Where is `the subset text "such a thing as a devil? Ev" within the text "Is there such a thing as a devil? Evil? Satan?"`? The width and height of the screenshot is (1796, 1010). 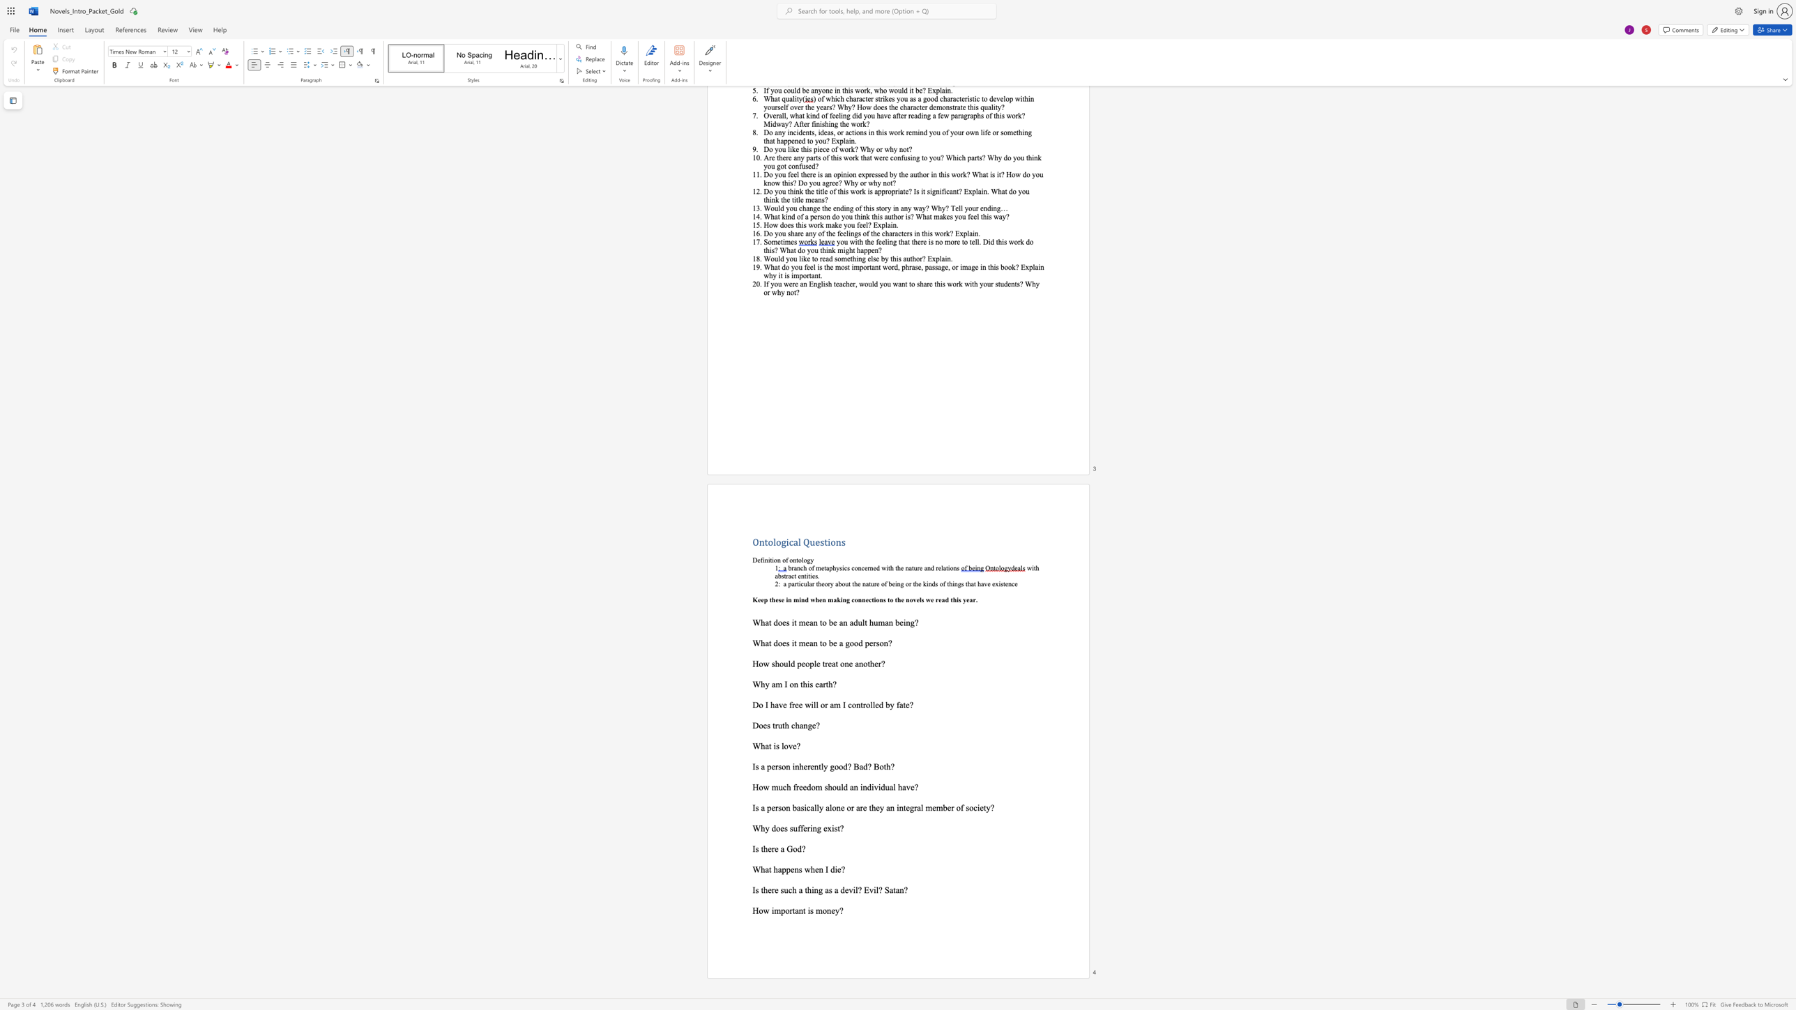
the subset text "such a thing as a devil? Ev" within the text "Is there such a thing as a devil? Evil? Satan?" is located at coordinates (780, 889).